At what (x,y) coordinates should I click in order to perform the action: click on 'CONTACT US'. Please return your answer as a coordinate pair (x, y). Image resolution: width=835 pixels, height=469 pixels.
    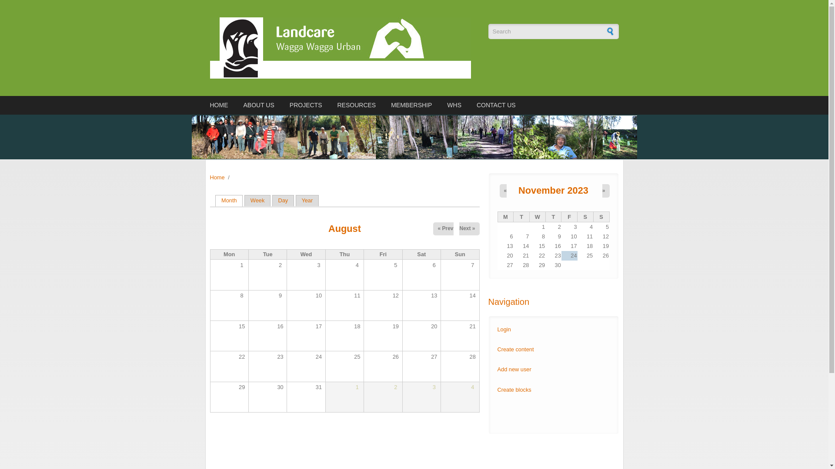
    Looking at the image, I should click on (474, 105).